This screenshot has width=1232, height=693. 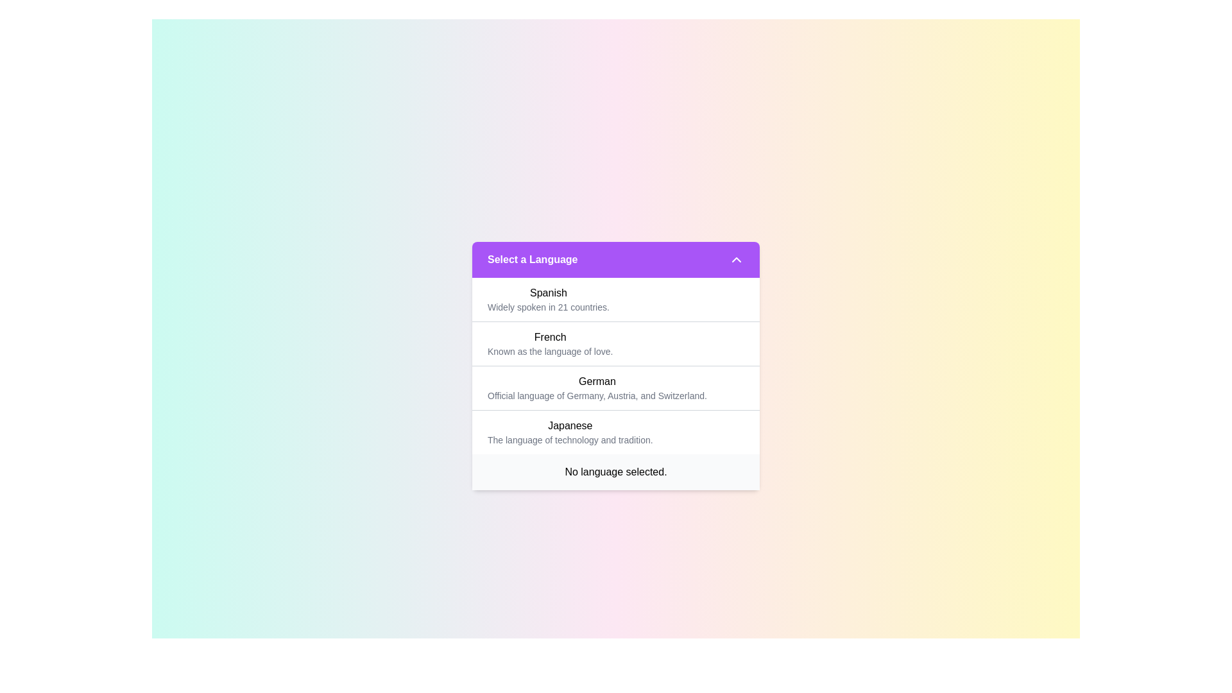 I want to click on the 'Japanese' language label in the dropdown list, which is positioned above 'No language selected' and below 'German', so click(x=569, y=425).